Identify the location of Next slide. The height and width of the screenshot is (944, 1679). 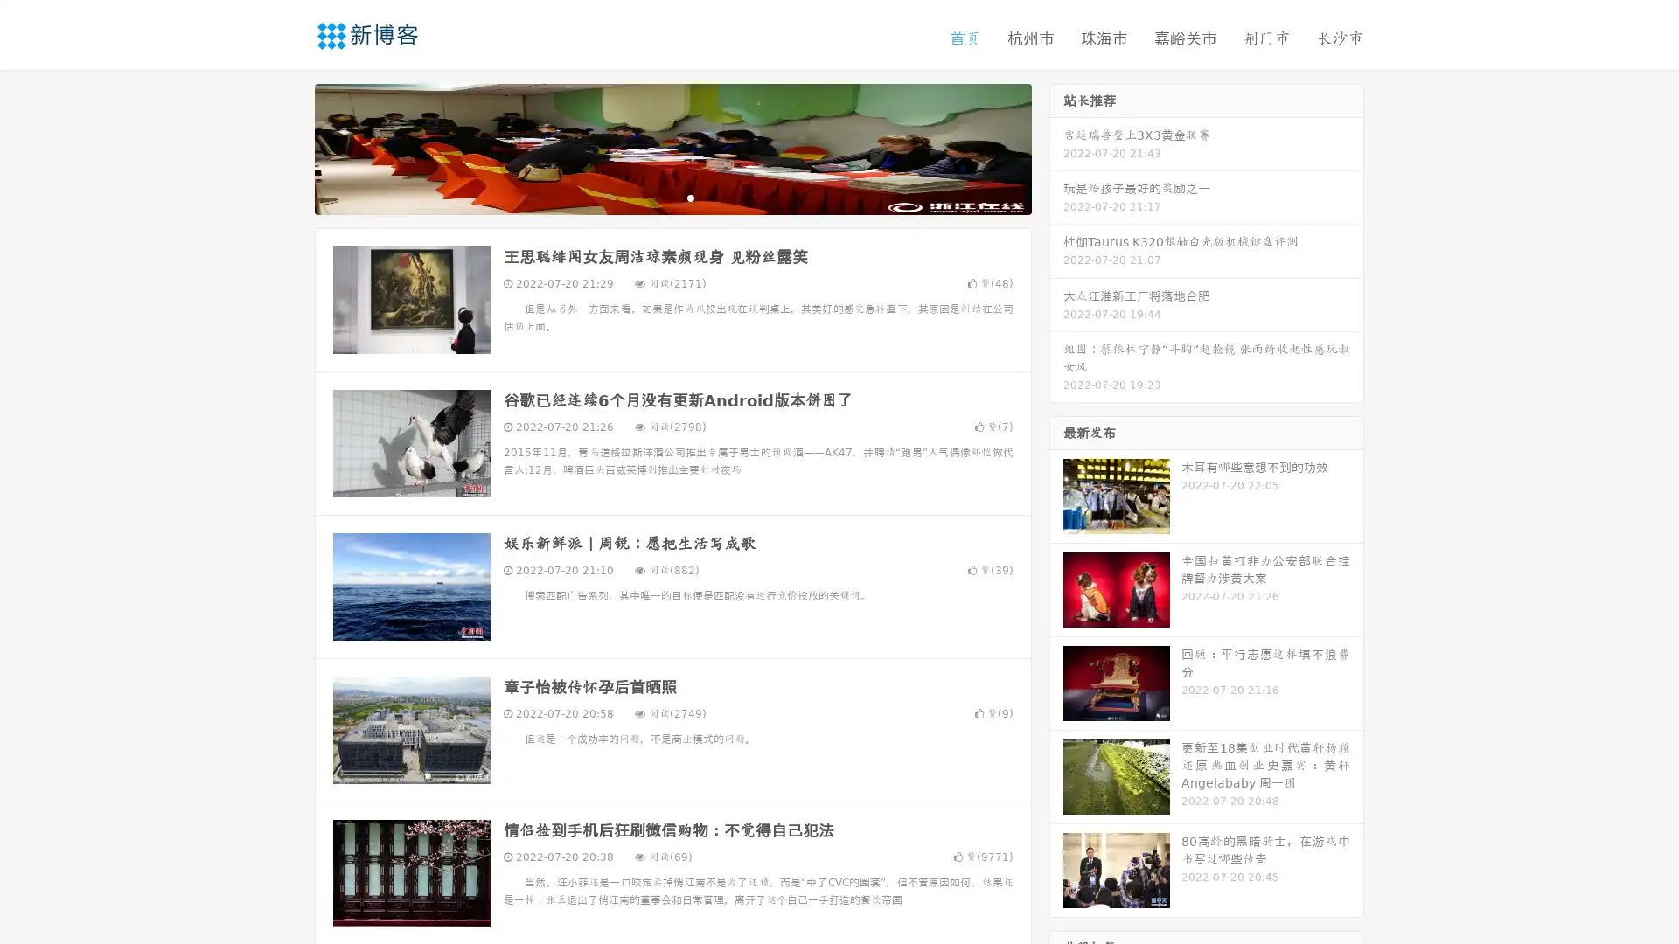
(1056, 147).